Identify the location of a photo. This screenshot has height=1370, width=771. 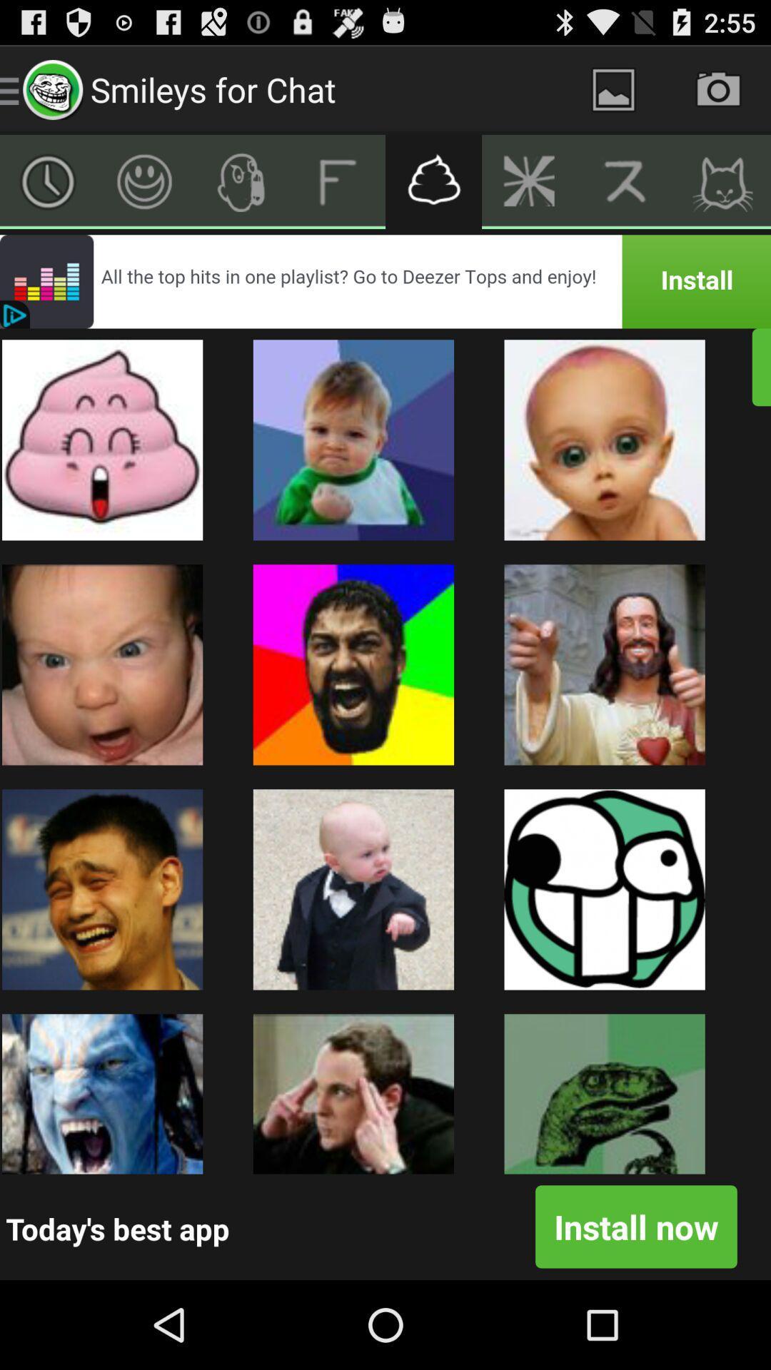
(613, 88).